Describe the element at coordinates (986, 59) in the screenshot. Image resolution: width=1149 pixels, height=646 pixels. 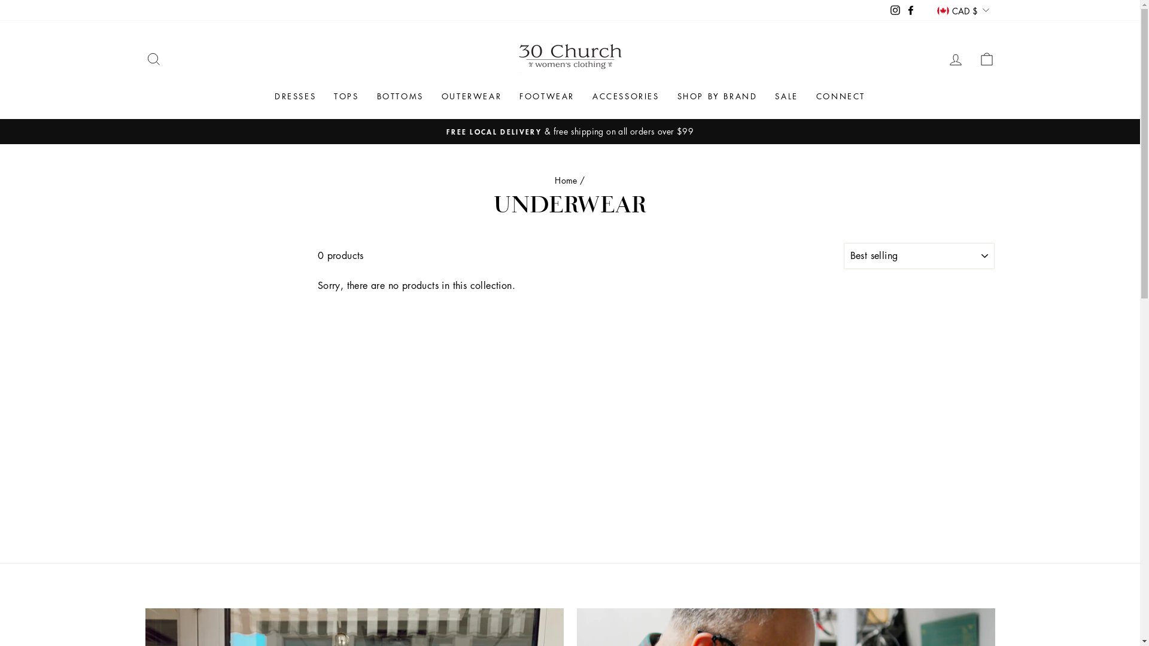
I see `'CART'` at that location.